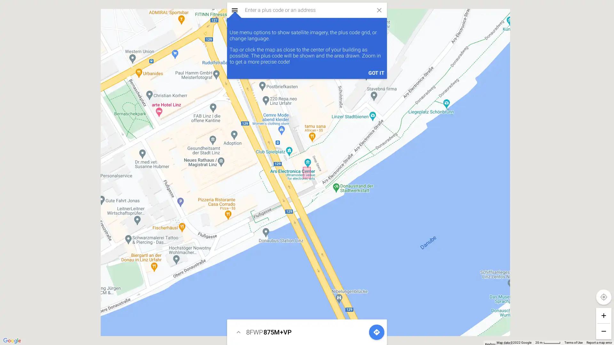 This screenshot has height=345, width=614. Describe the element at coordinates (120, 334) in the screenshot. I see `GOT IT` at that location.